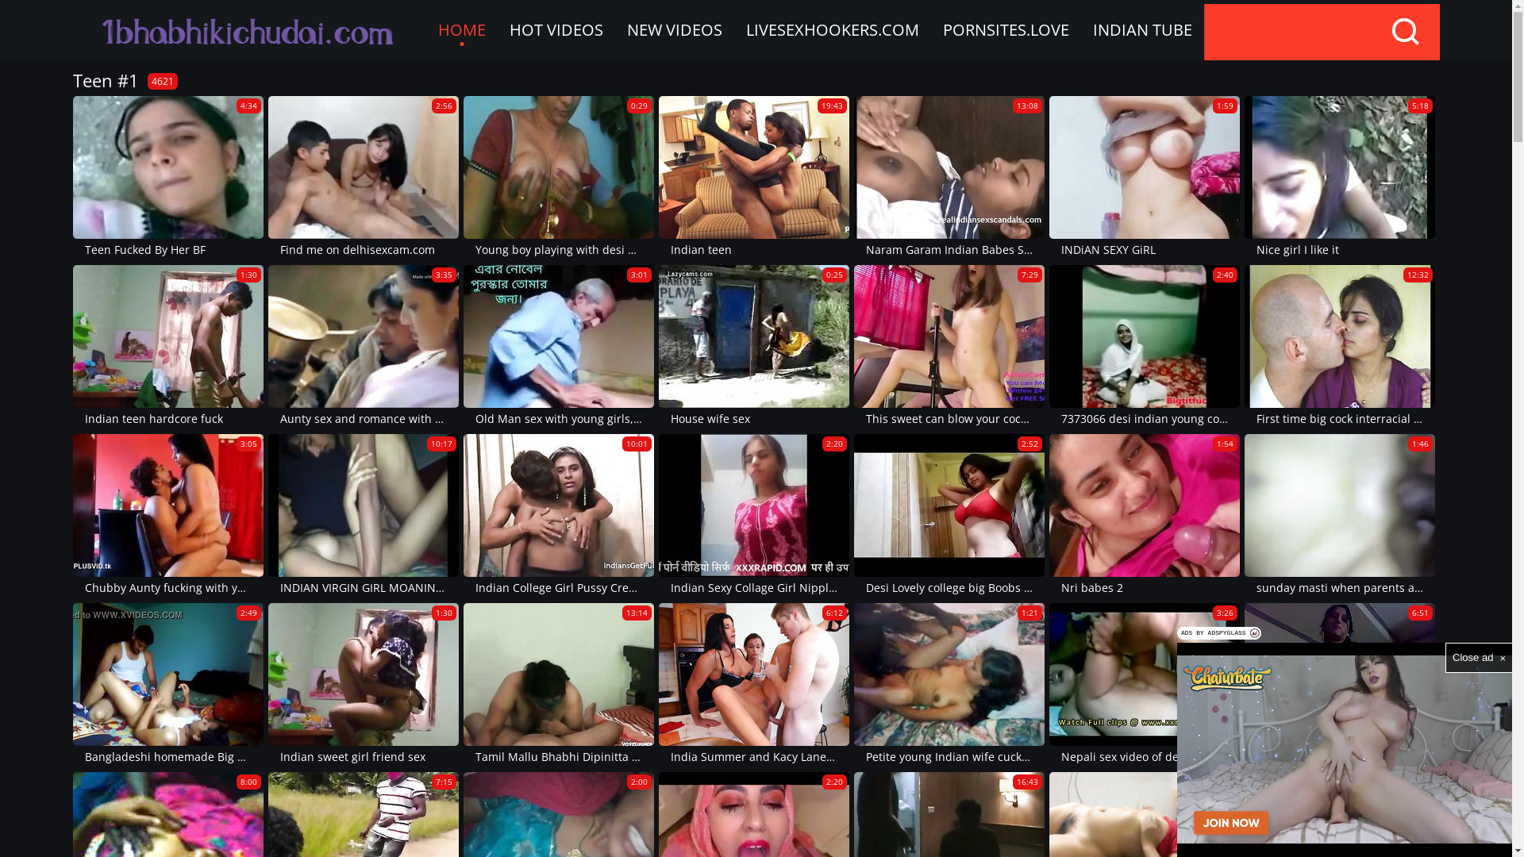 The image size is (1524, 857). Describe the element at coordinates (674, 30) in the screenshot. I see `'NEW VIDEOS'` at that location.